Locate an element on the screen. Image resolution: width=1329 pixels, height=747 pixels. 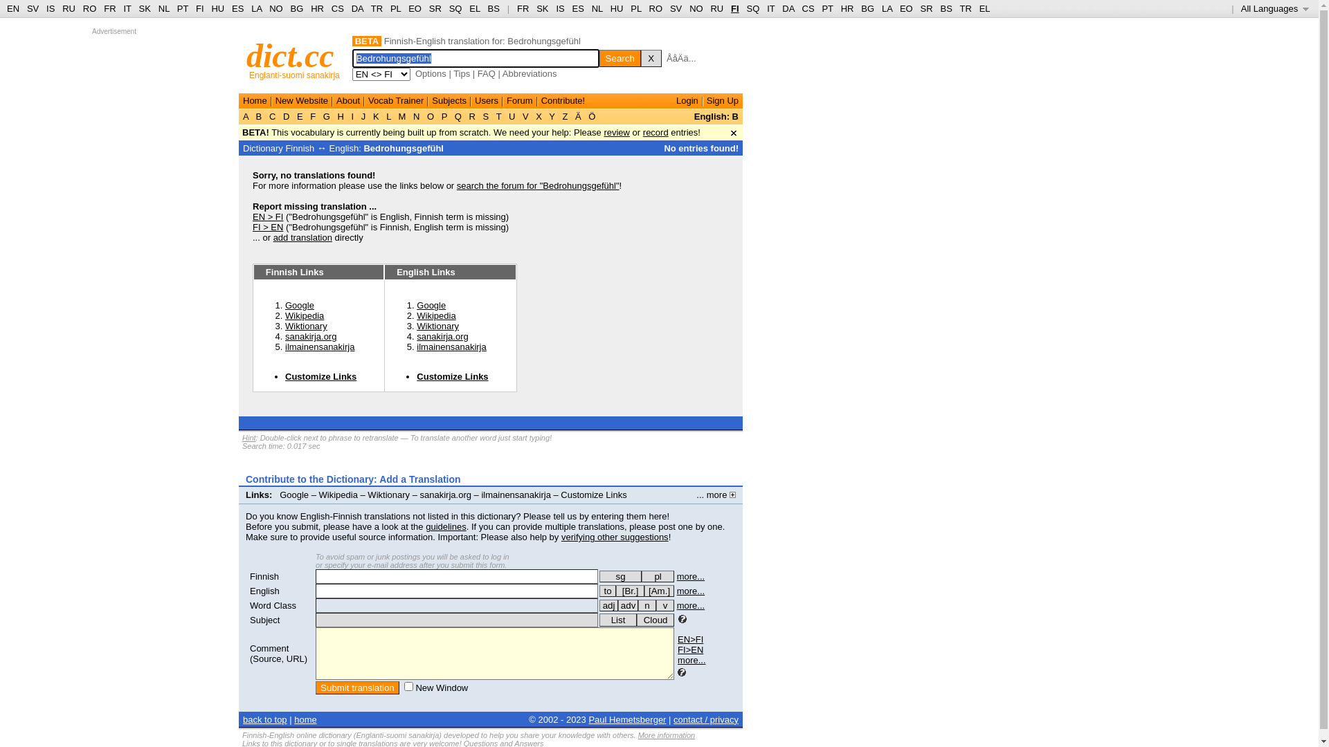
'F' is located at coordinates (312, 116).